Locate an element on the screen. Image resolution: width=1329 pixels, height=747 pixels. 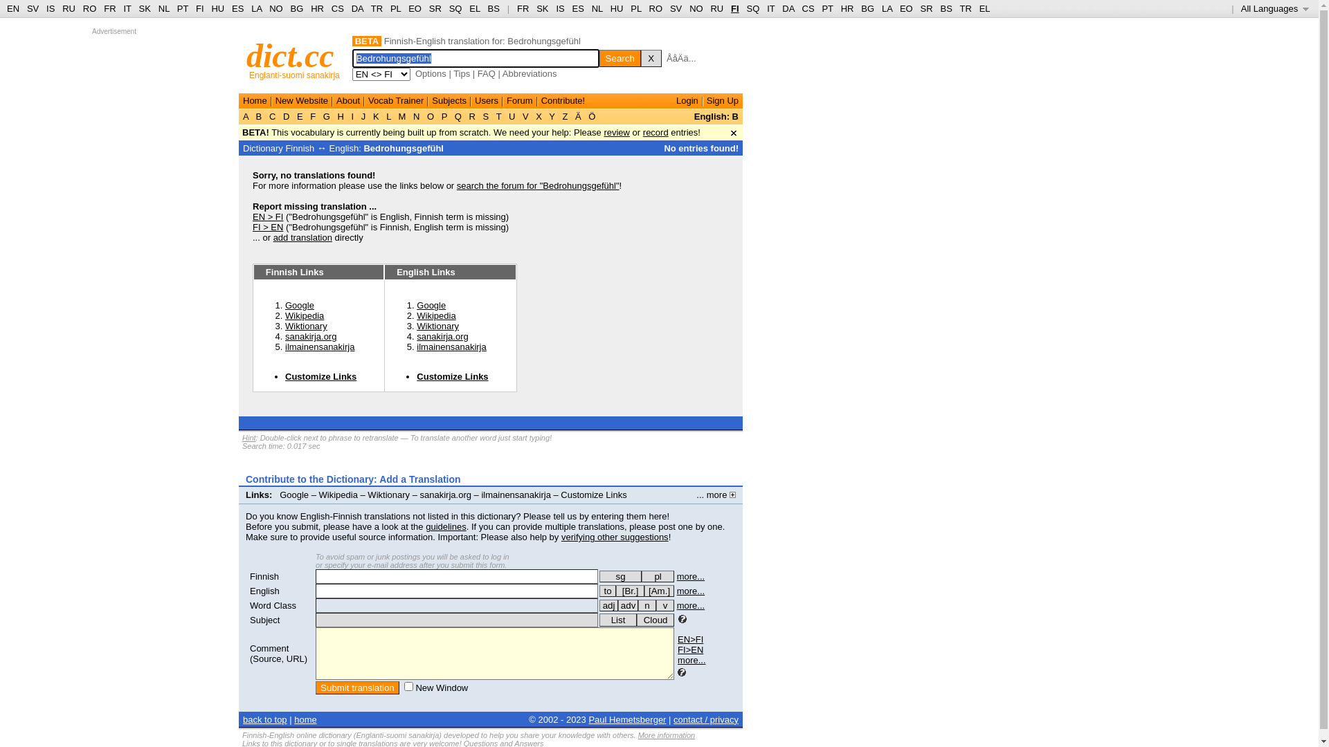
'F' is located at coordinates (312, 116).